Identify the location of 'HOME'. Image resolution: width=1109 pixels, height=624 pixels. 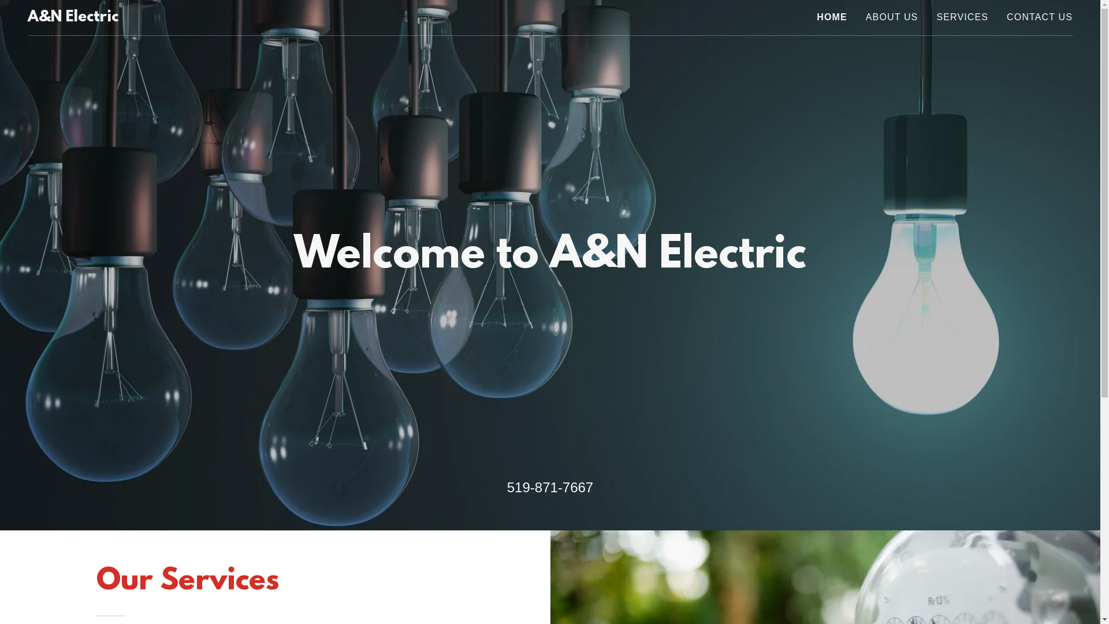
(816, 17).